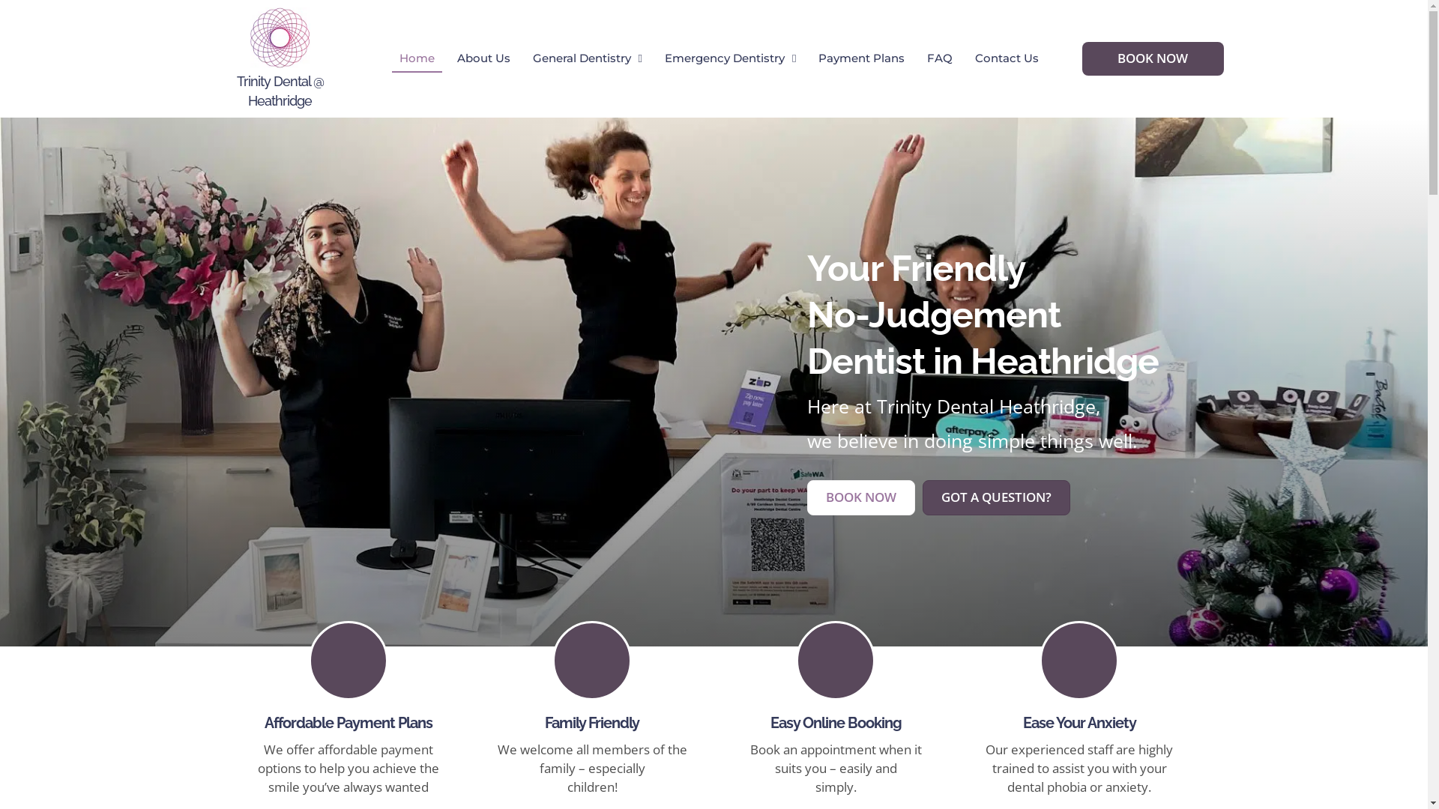 The width and height of the screenshot is (1439, 809). I want to click on 'Payment Plans', so click(861, 58).